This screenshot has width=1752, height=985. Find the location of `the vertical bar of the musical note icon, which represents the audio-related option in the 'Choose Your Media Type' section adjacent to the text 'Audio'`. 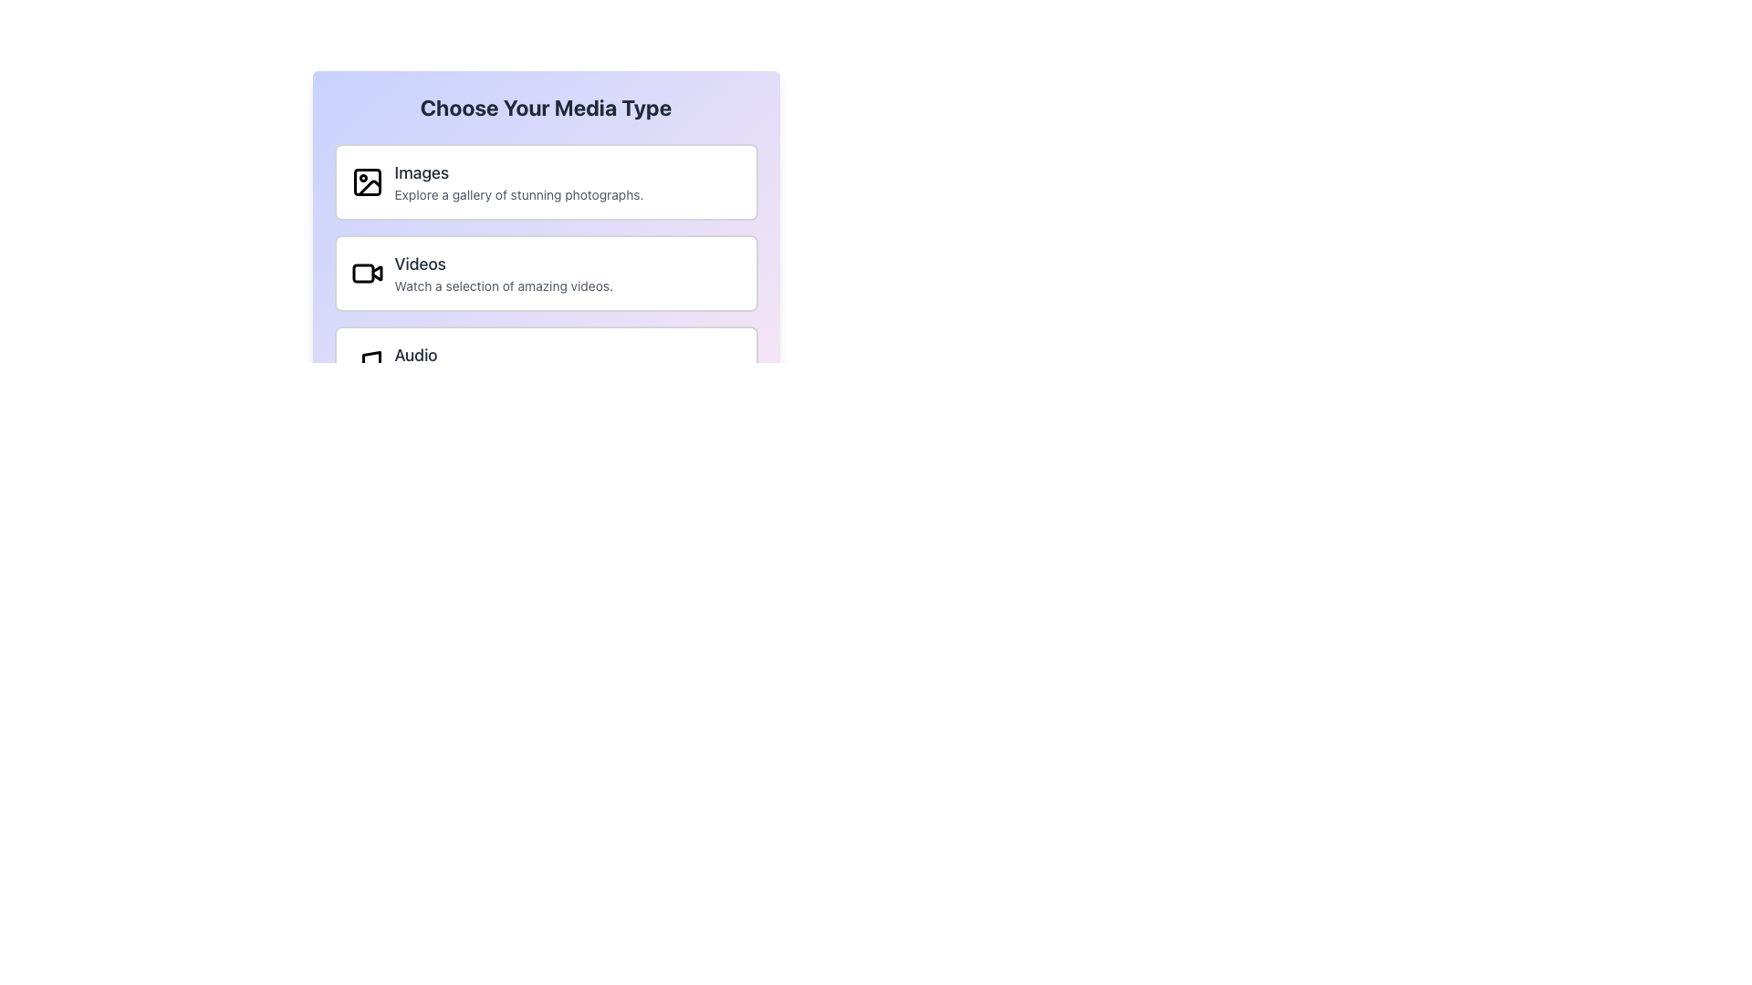

the vertical bar of the musical note icon, which represents the audio-related option in the 'Choose Your Media Type' section adjacent to the text 'Audio' is located at coordinates (370, 362).